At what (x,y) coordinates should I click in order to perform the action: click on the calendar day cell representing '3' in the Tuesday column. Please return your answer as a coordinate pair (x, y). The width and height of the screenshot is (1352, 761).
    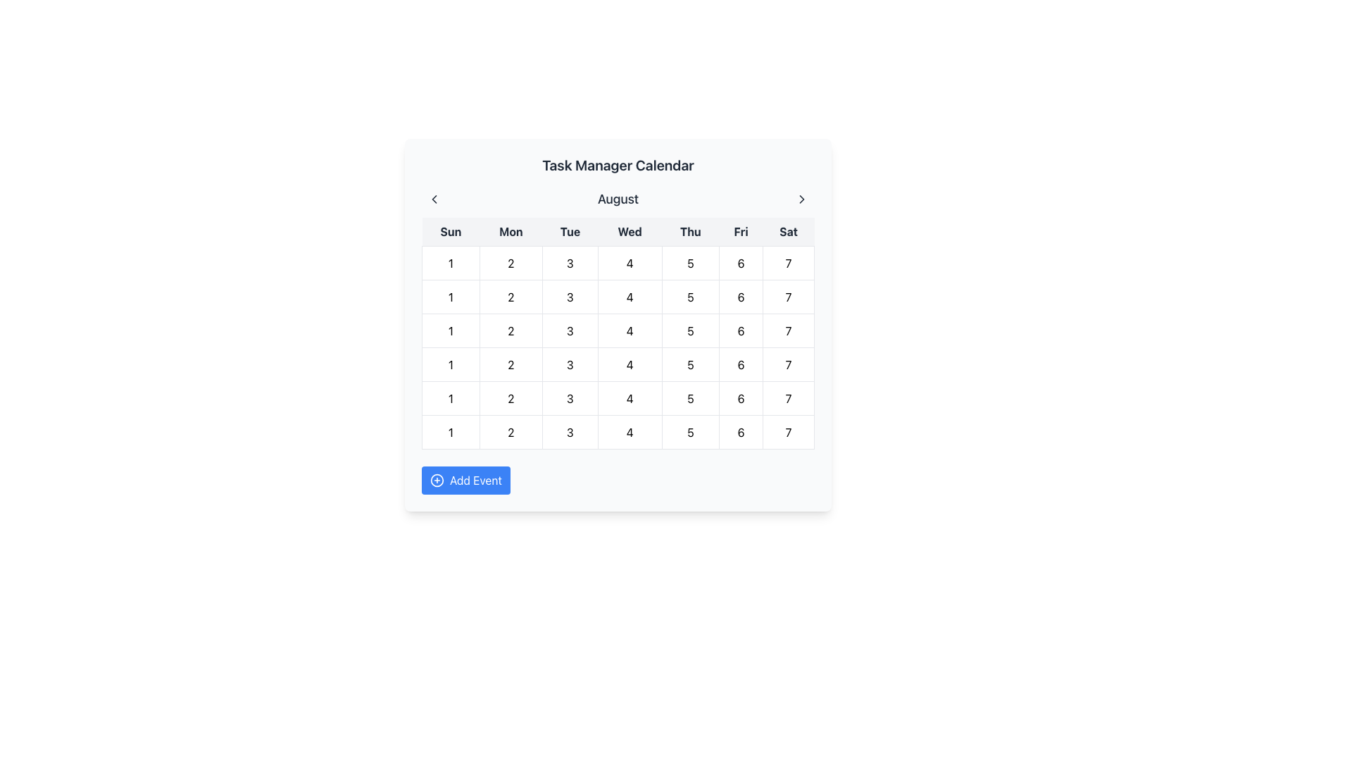
    Looking at the image, I should click on (570, 263).